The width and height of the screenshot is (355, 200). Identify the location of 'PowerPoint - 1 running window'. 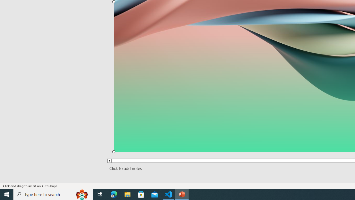
(182, 194).